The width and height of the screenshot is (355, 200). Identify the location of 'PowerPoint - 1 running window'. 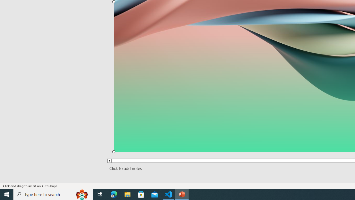
(182, 194).